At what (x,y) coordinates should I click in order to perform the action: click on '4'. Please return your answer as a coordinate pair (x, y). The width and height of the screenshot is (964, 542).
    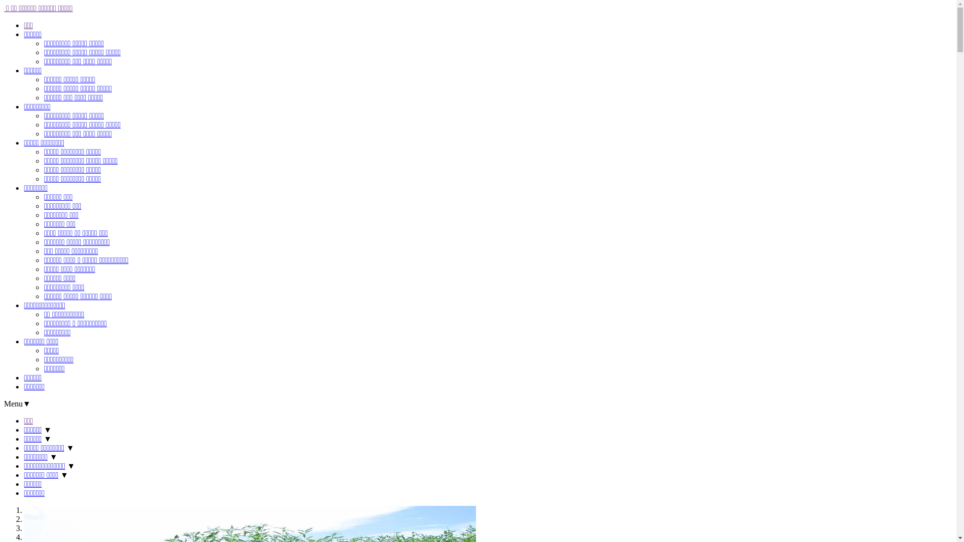
    Looking at the image, I should click on (26, 536).